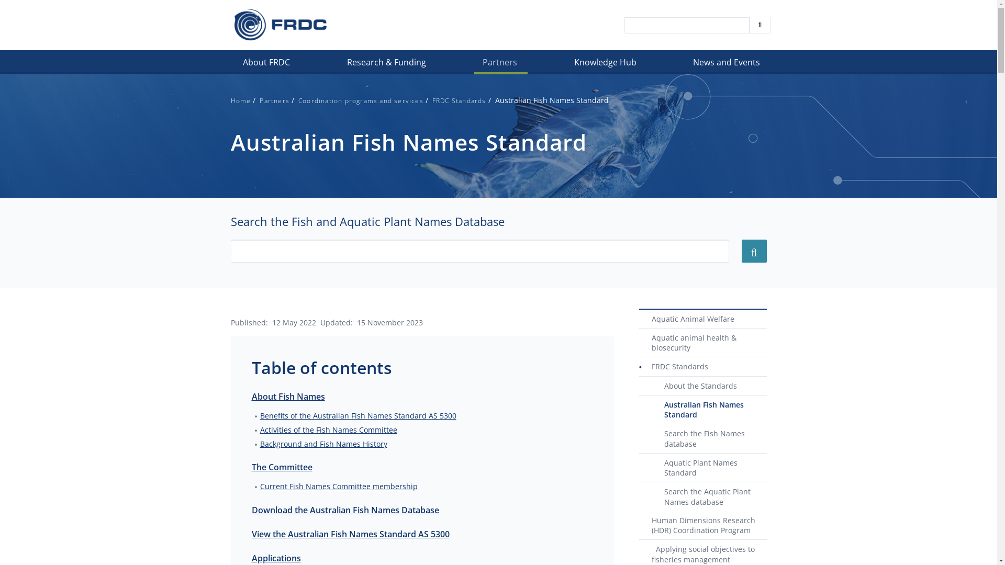  Describe the element at coordinates (259, 444) in the screenshot. I see `'Background and Fish Names History'` at that location.